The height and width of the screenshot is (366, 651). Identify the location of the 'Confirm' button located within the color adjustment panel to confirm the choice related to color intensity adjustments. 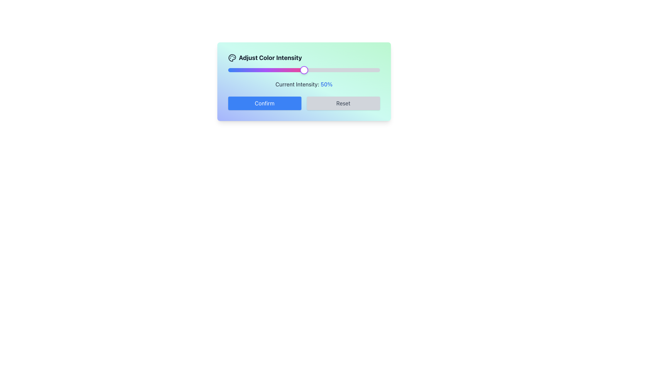
(264, 103).